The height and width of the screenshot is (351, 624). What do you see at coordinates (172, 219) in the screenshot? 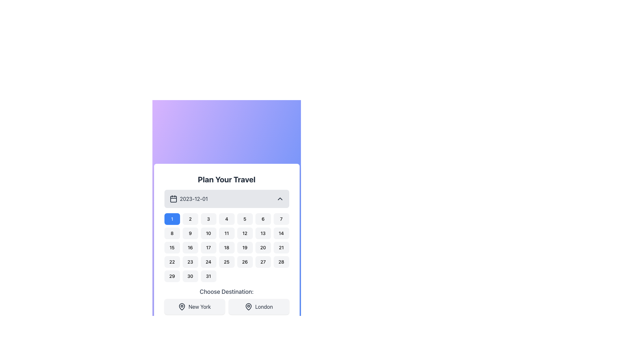
I see `the blue rectangular button labeled '1' with rounded corners` at bounding box center [172, 219].